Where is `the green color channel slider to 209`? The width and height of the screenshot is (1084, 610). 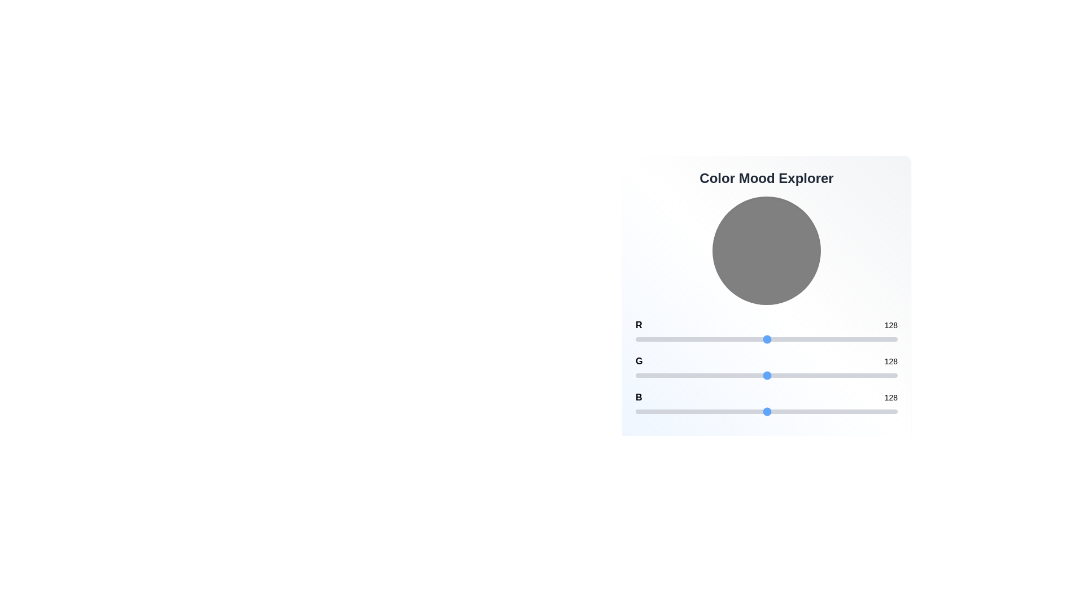 the green color channel slider to 209 is located at coordinates (850, 375).